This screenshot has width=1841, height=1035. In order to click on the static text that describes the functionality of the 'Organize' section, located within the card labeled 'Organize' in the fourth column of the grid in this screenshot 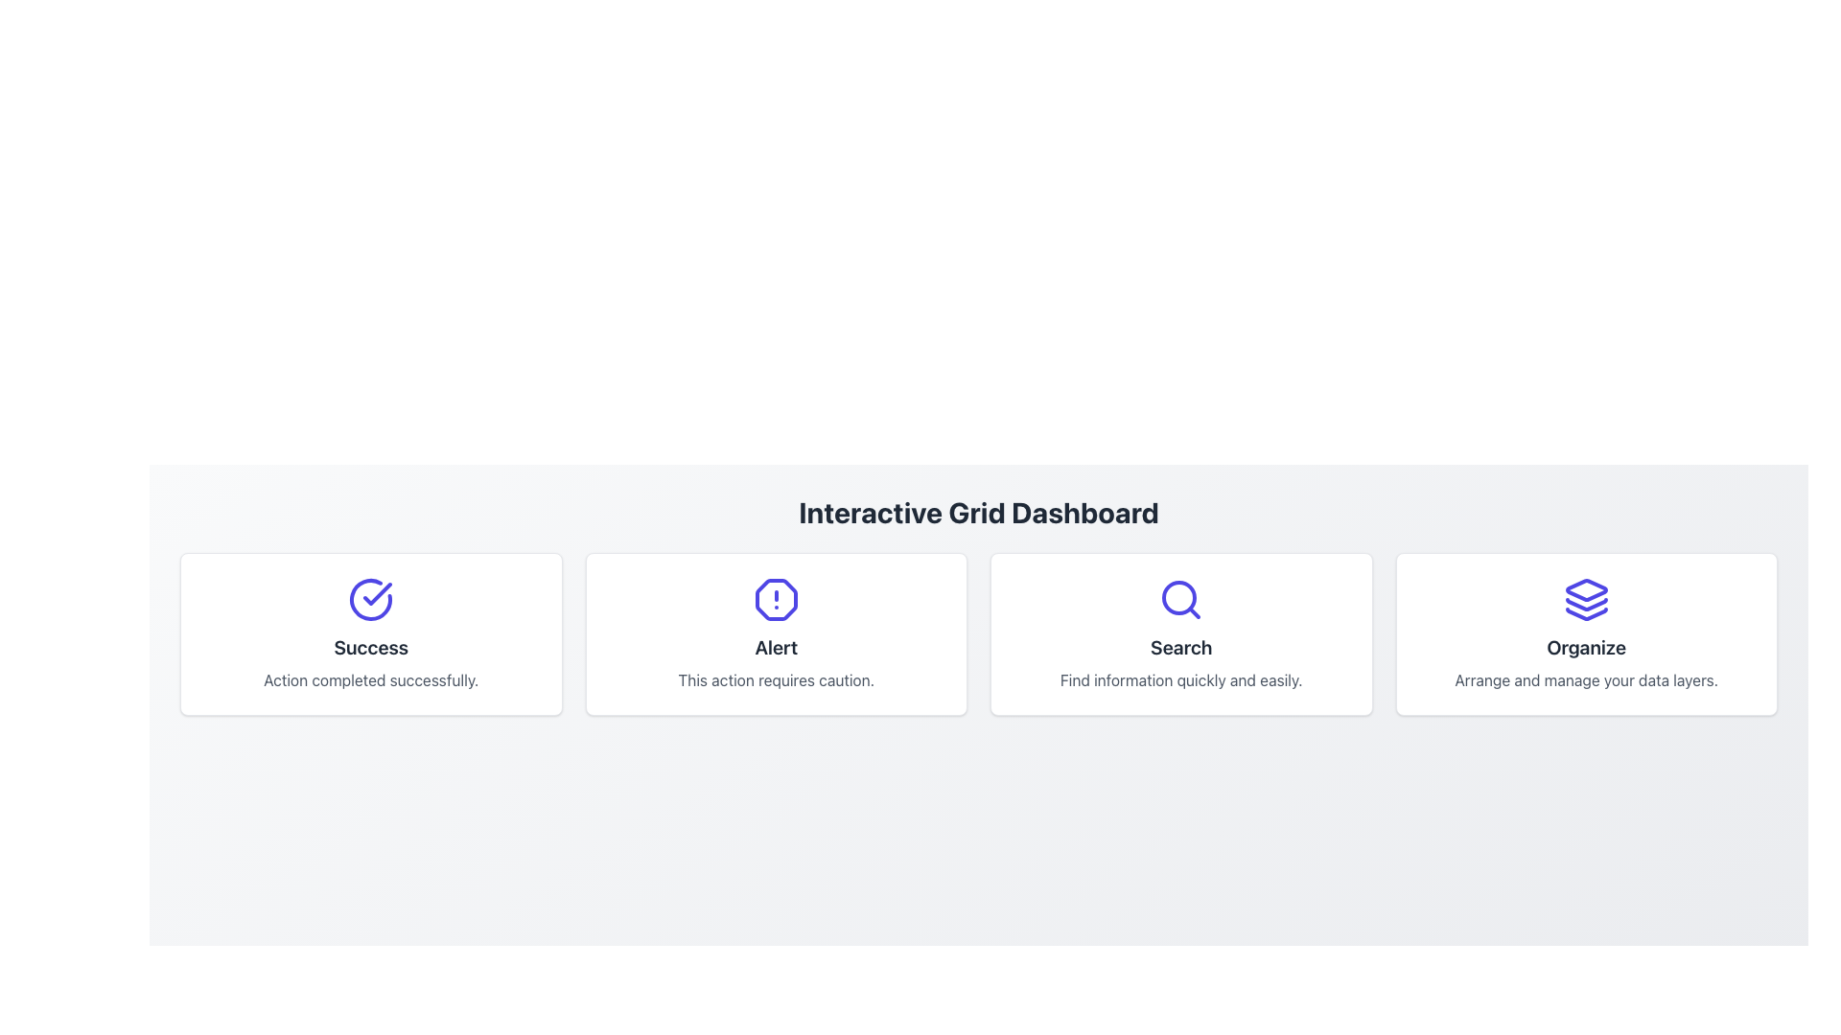, I will do `click(1586, 678)`.